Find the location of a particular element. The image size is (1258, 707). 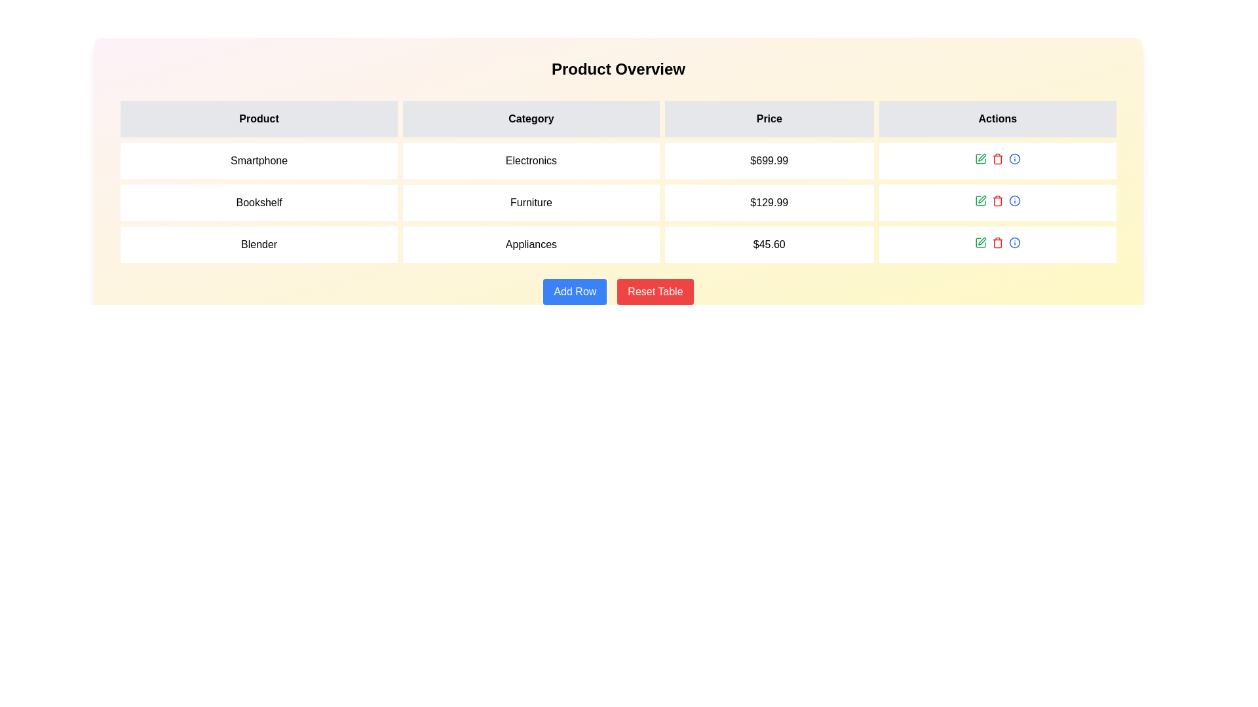

the Text label indicating the category 'Blender' located in the third row under the 'Category' column of the table is located at coordinates (531, 245).